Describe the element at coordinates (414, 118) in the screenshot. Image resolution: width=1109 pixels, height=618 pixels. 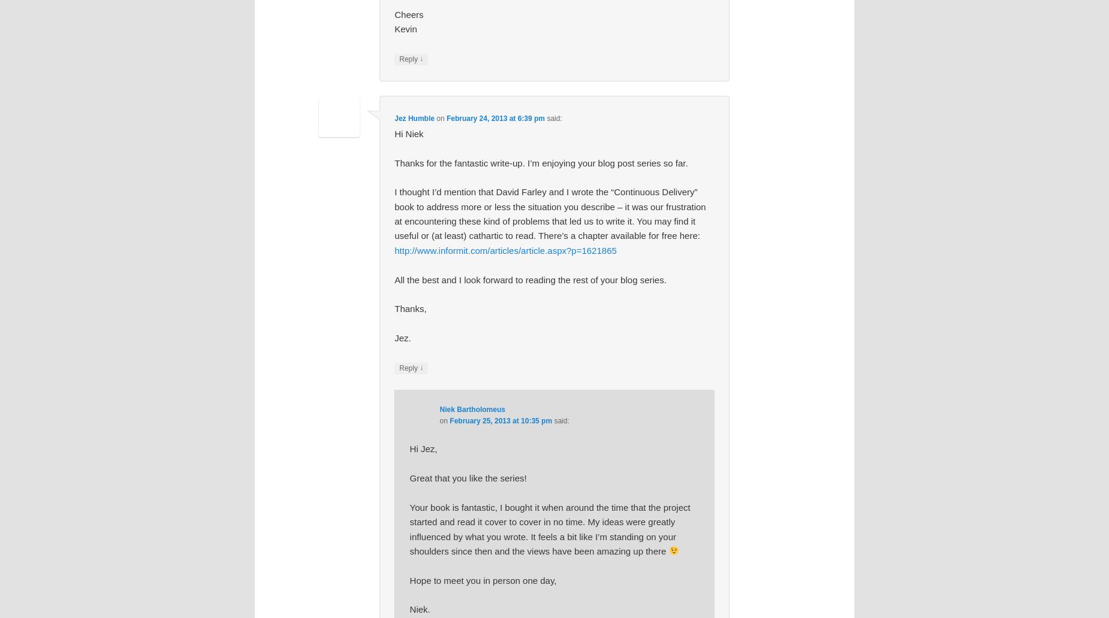
I see `'Jez Humble'` at that location.